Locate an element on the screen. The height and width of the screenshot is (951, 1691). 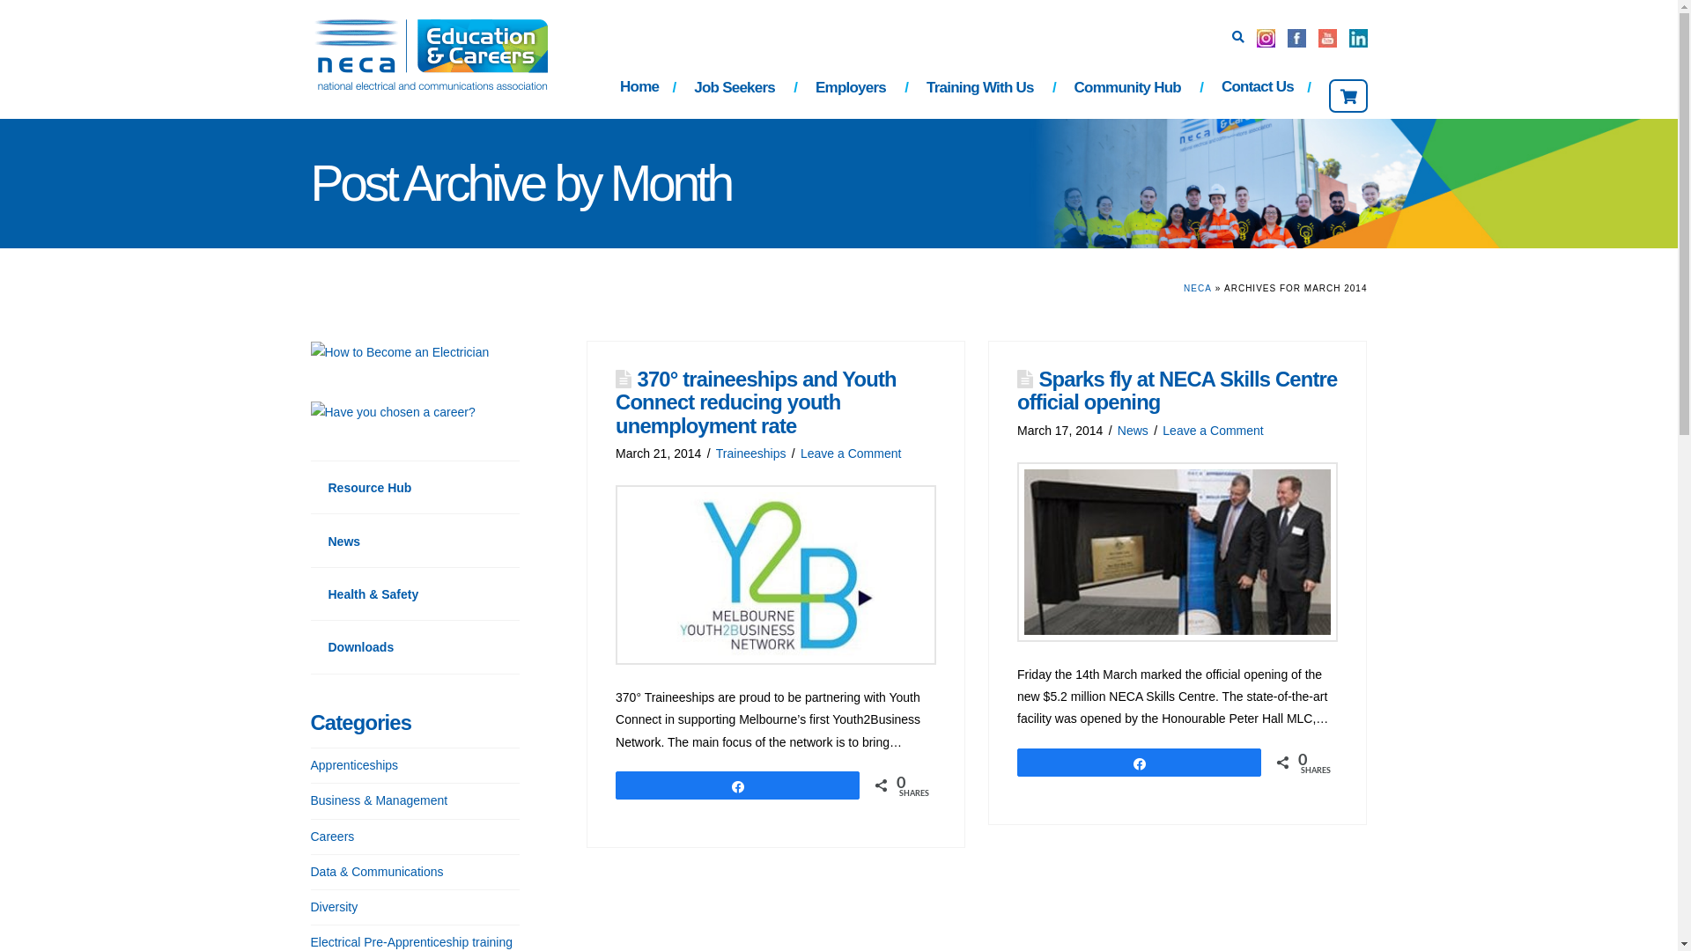
'Home' is located at coordinates (602, 90).